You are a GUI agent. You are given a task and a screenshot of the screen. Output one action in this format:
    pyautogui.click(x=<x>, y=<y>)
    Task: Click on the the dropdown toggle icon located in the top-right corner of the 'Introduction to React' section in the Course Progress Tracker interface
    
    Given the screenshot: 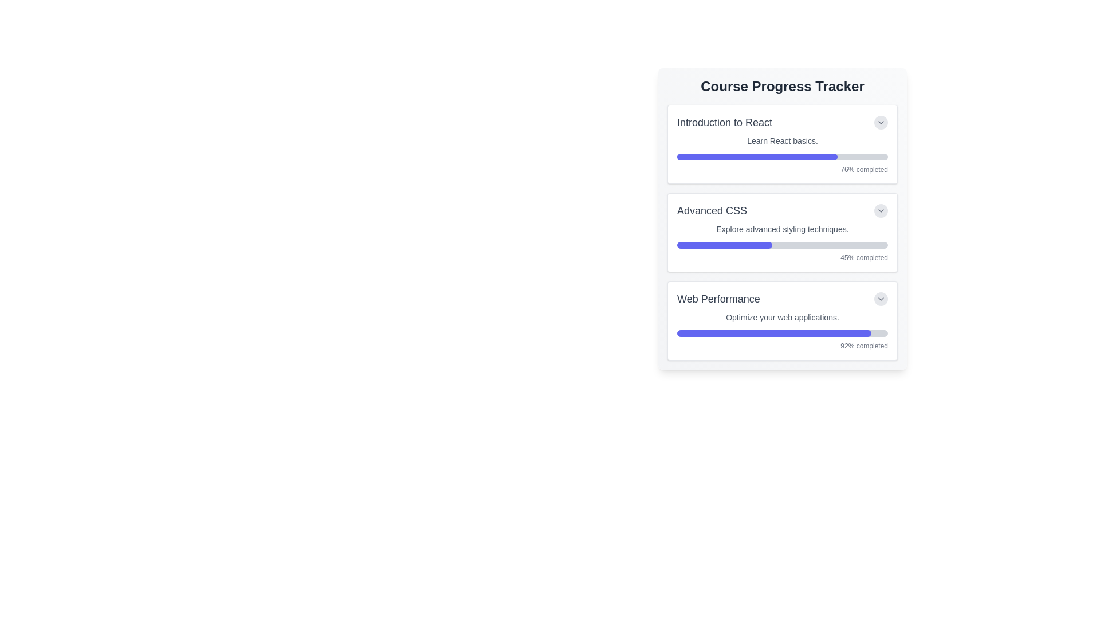 What is the action you would take?
    pyautogui.click(x=880, y=122)
    